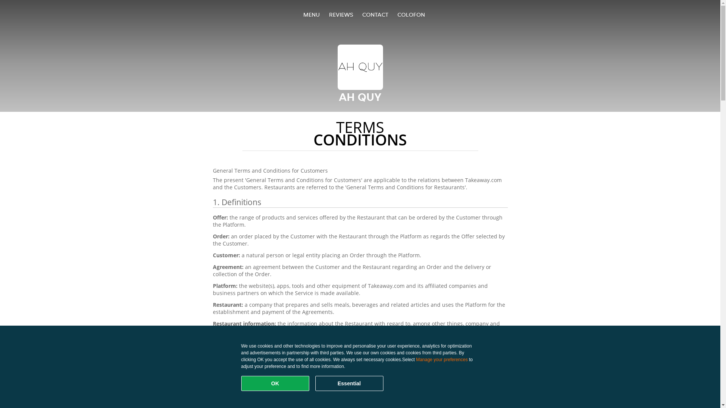 The image size is (726, 408). What do you see at coordinates (341, 14) in the screenshot?
I see `'REVIEWS'` at bounding box center [341, 14].